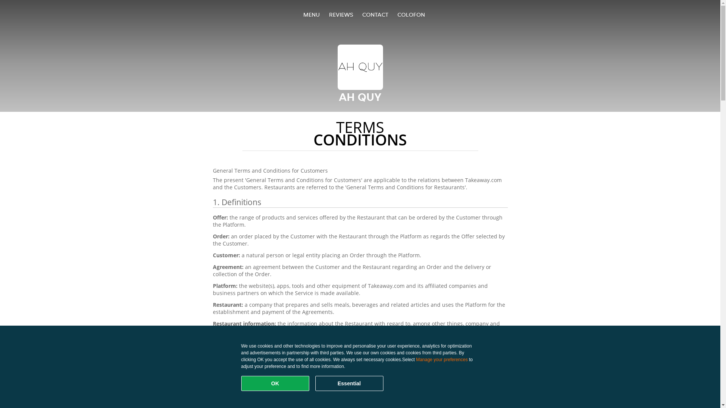 The image size is (726, 408). What do you see at coordinates (341, 14) in the screenshot?
I see `'REVIEWS'` at bounding box center [341, 14].